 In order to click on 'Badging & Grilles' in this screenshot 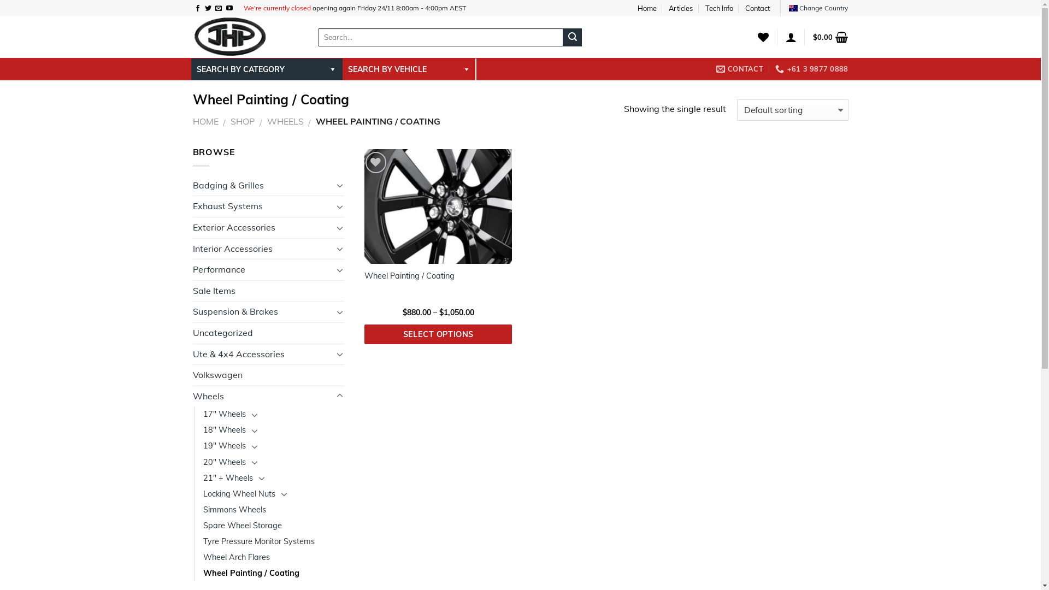, I will do `click(192, 185)`.